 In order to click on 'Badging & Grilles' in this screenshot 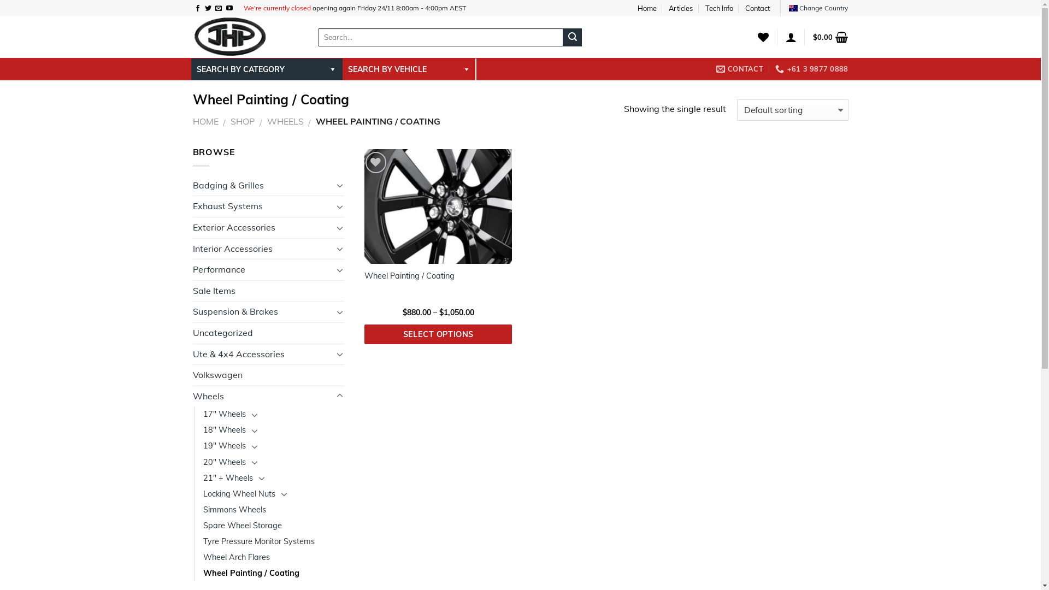, I will do `click(192, 185)`.